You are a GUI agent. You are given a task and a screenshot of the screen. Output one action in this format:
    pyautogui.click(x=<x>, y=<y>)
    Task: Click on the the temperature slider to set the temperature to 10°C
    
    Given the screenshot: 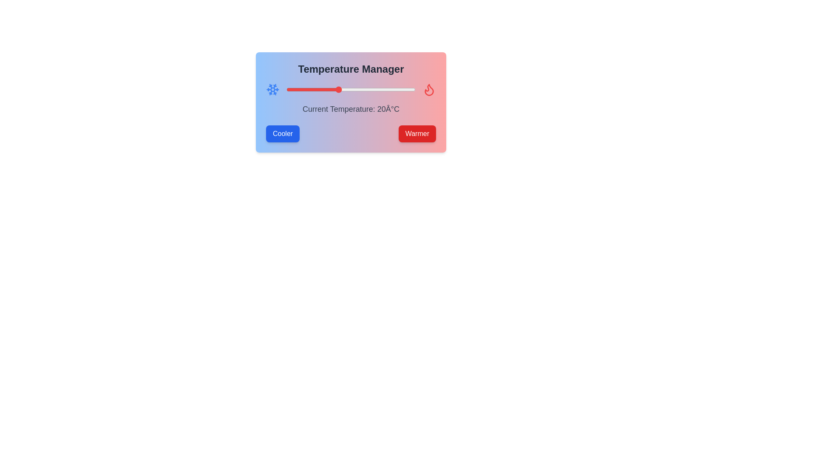 What is the action you would take?
    pyautogui.click(x=312, y=90)
    